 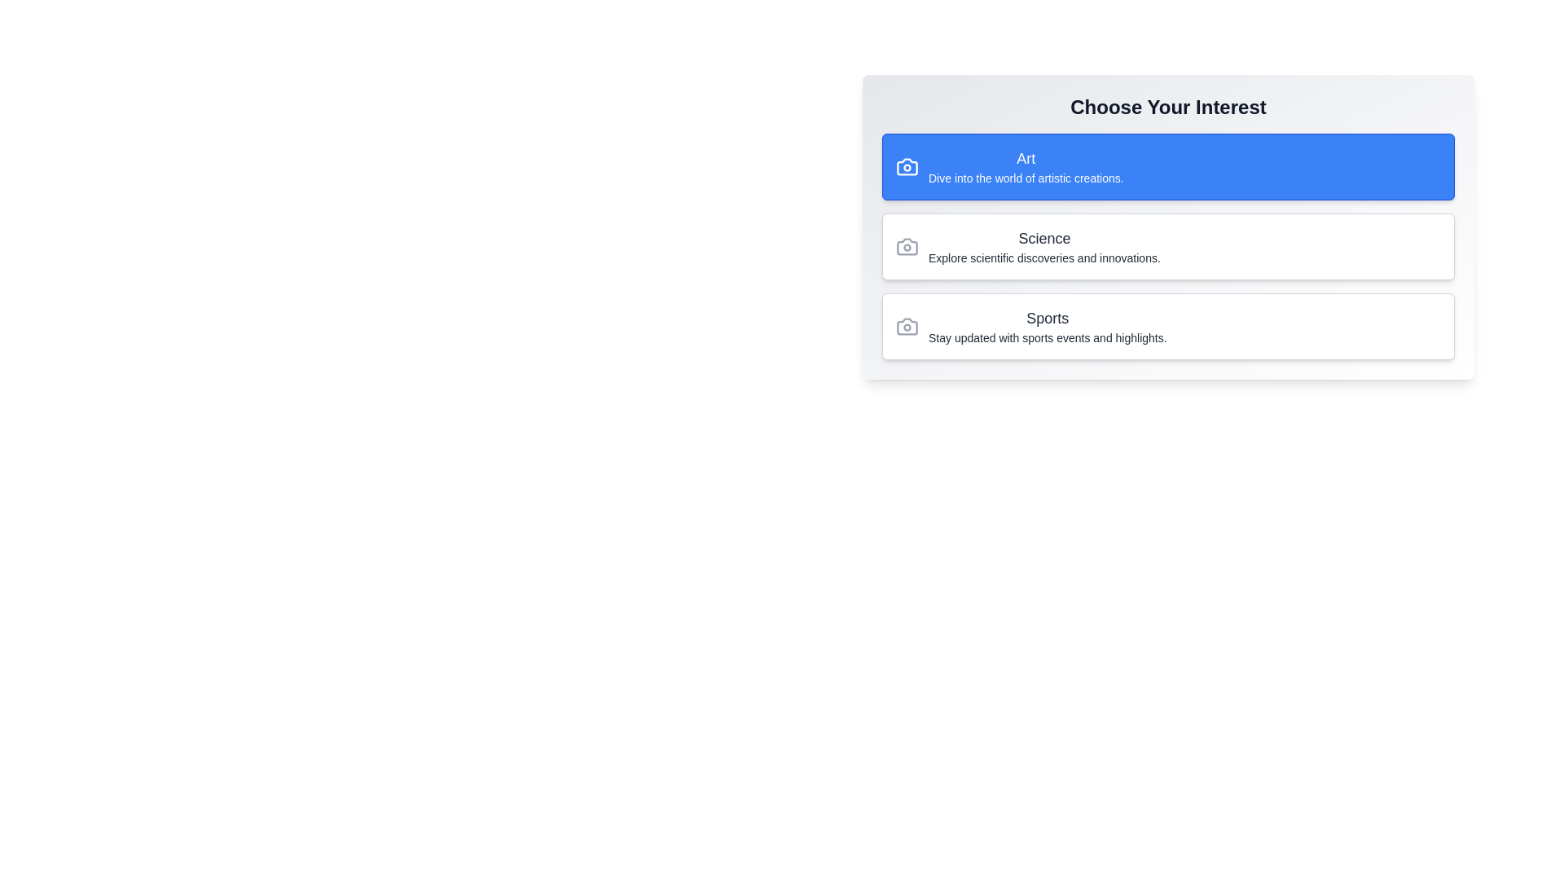 What do you see at coordinates (1167, 107) in the screenshot?
I see `the title Text label at the very top of the menu interface, which provides context about the content or choices below it` at bounding box center [1167, 107].